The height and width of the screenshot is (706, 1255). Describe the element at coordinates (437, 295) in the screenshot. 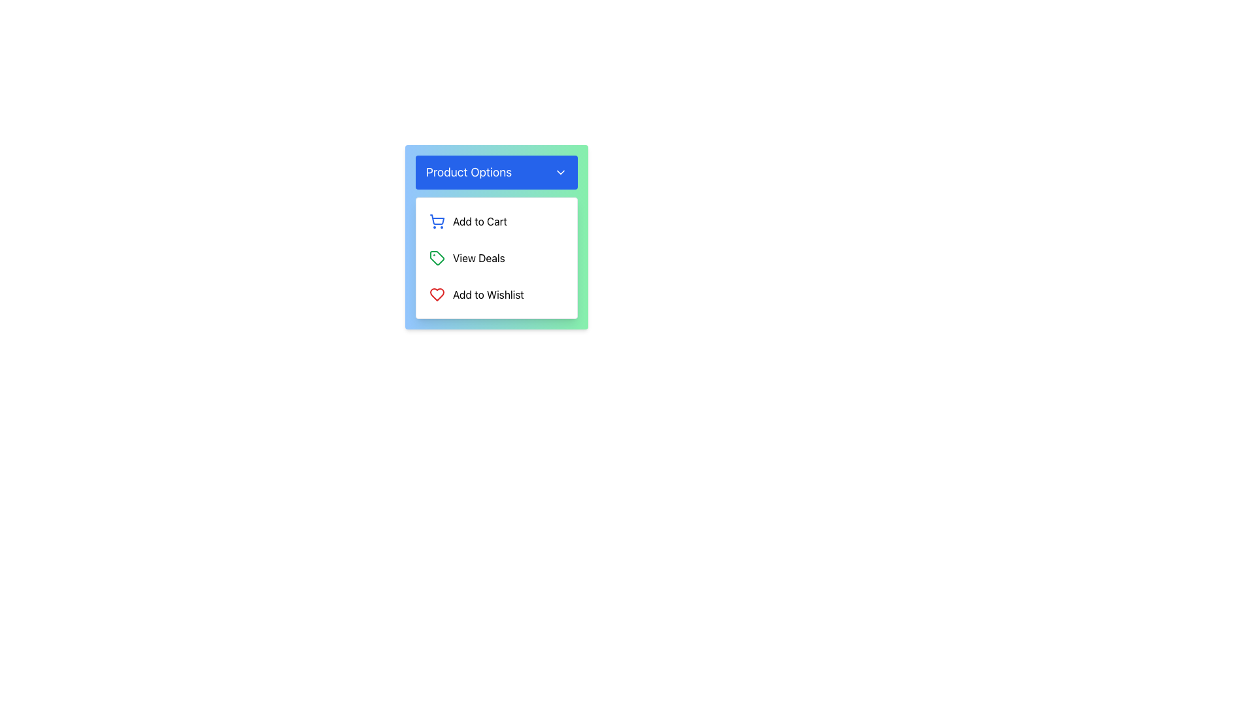

I see `the heart-shaped icon representing the 'Add to Wishlist' action button` at that location.